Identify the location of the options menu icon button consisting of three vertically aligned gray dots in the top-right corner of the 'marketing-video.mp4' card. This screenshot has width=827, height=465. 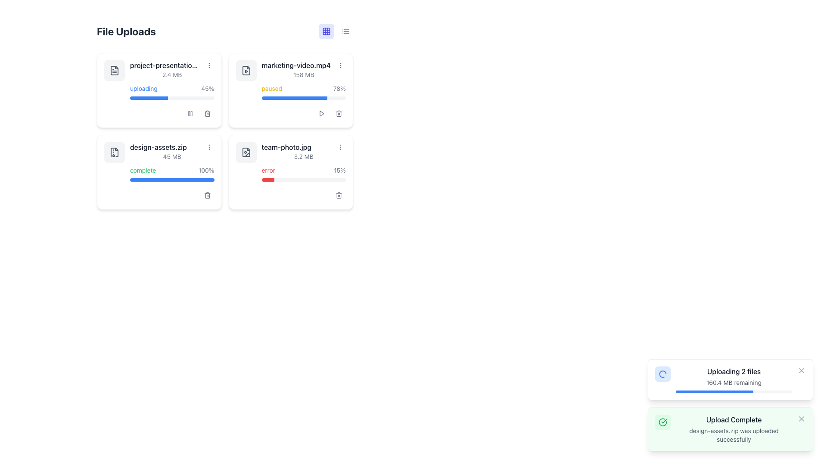
(340, 65).